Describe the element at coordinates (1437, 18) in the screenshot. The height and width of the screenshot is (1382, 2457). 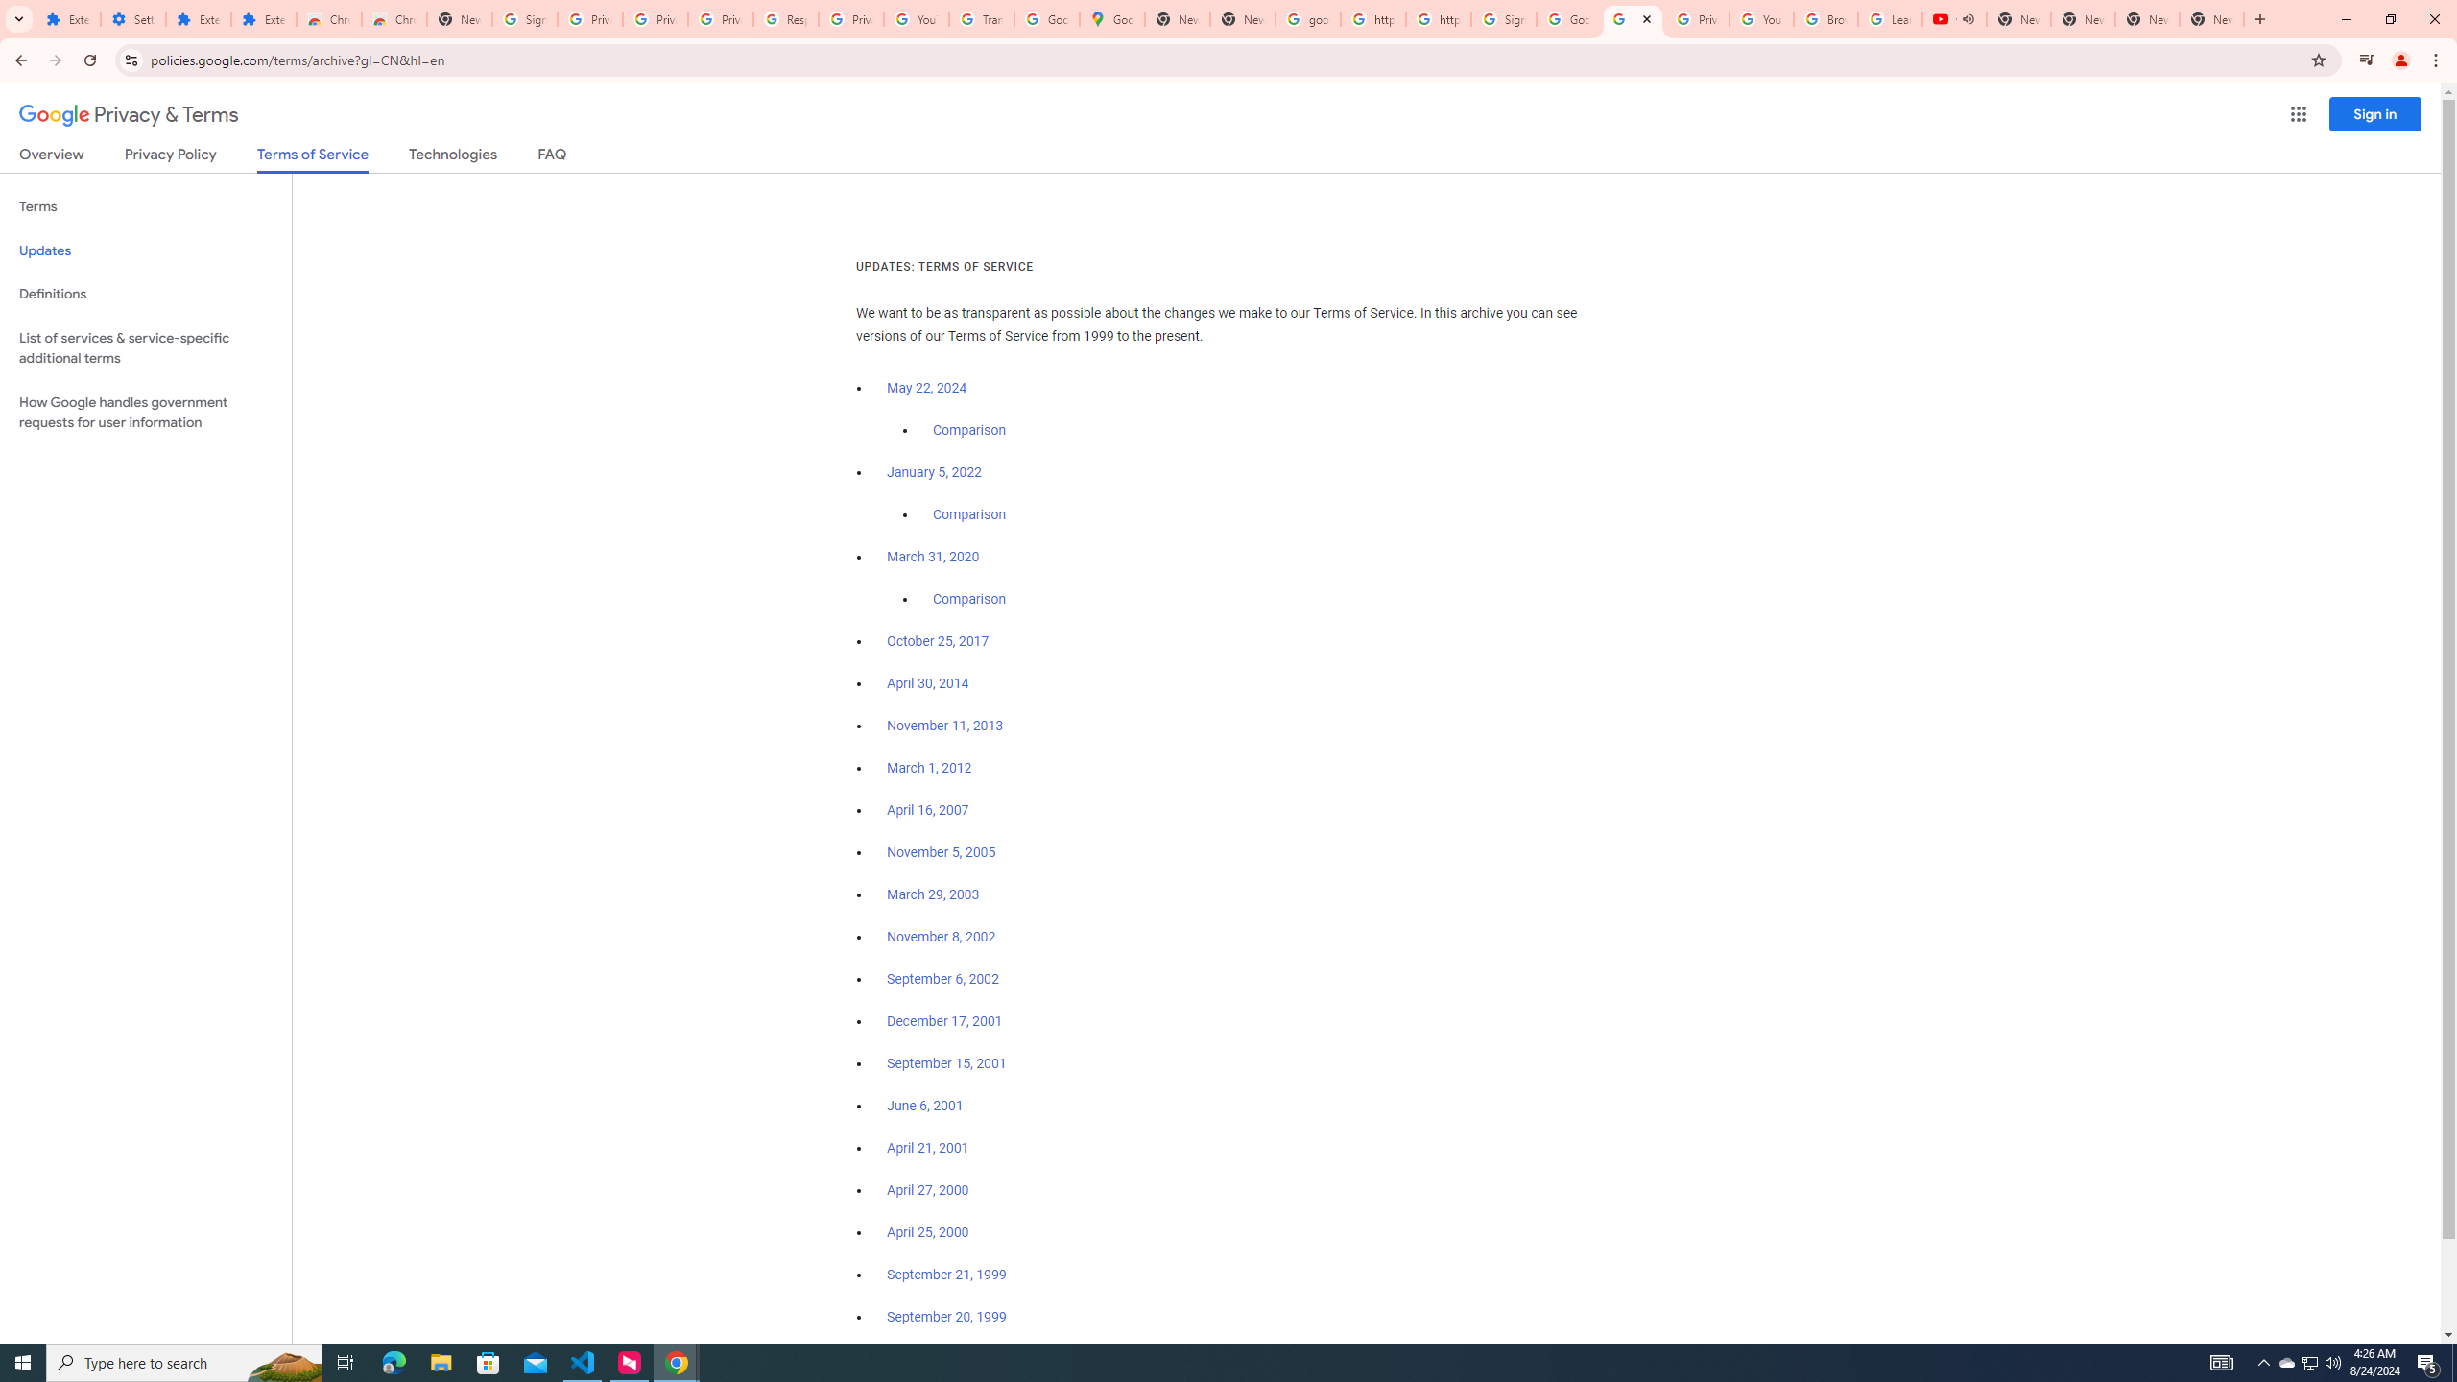
I see `'https://scholar.google.com/'` at that location.